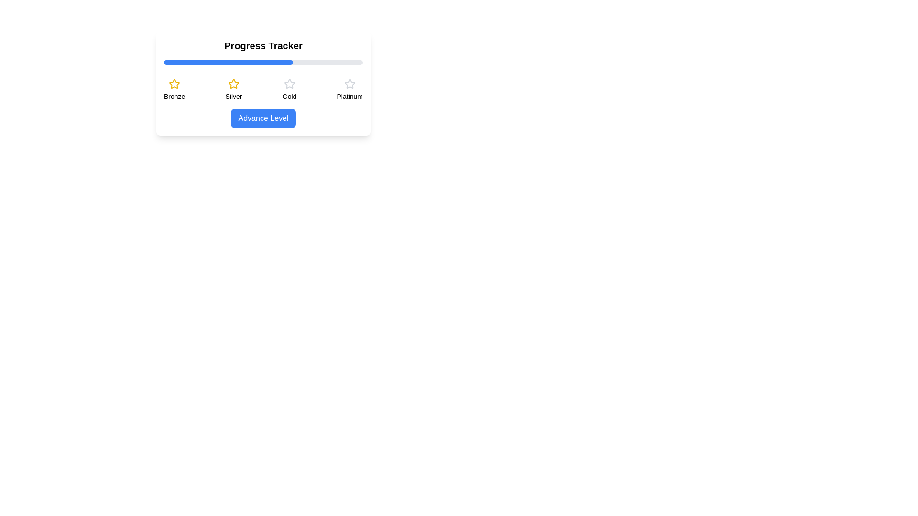 This screenshot has height=516, width=918. Describe the element at coordinates (234, 96) in the screenshot. I see `displayed text of the 'Silver' rank label located below the star icon in the progress tracker interface` at that location.